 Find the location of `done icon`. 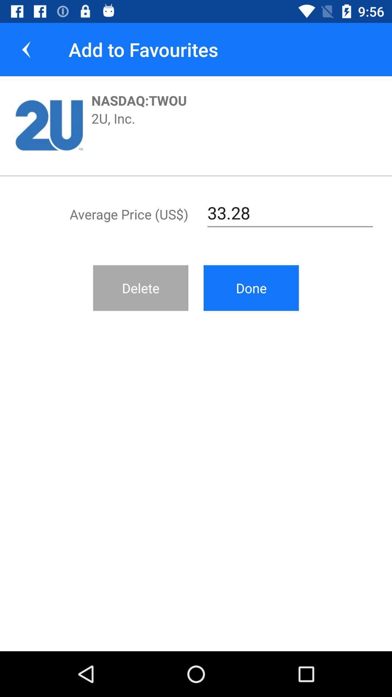

done icon is located at coordinates (251, 288).